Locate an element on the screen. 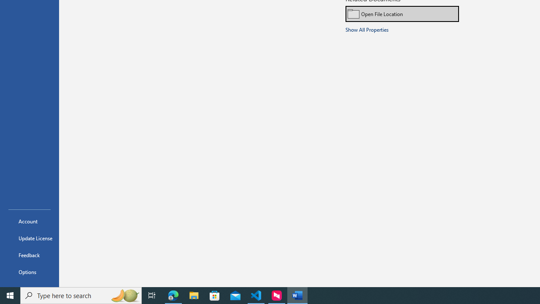 Image resolution: width=540 pixels, height=304 pixels. 'Show All Properties' is located at coordinates (367, 29).